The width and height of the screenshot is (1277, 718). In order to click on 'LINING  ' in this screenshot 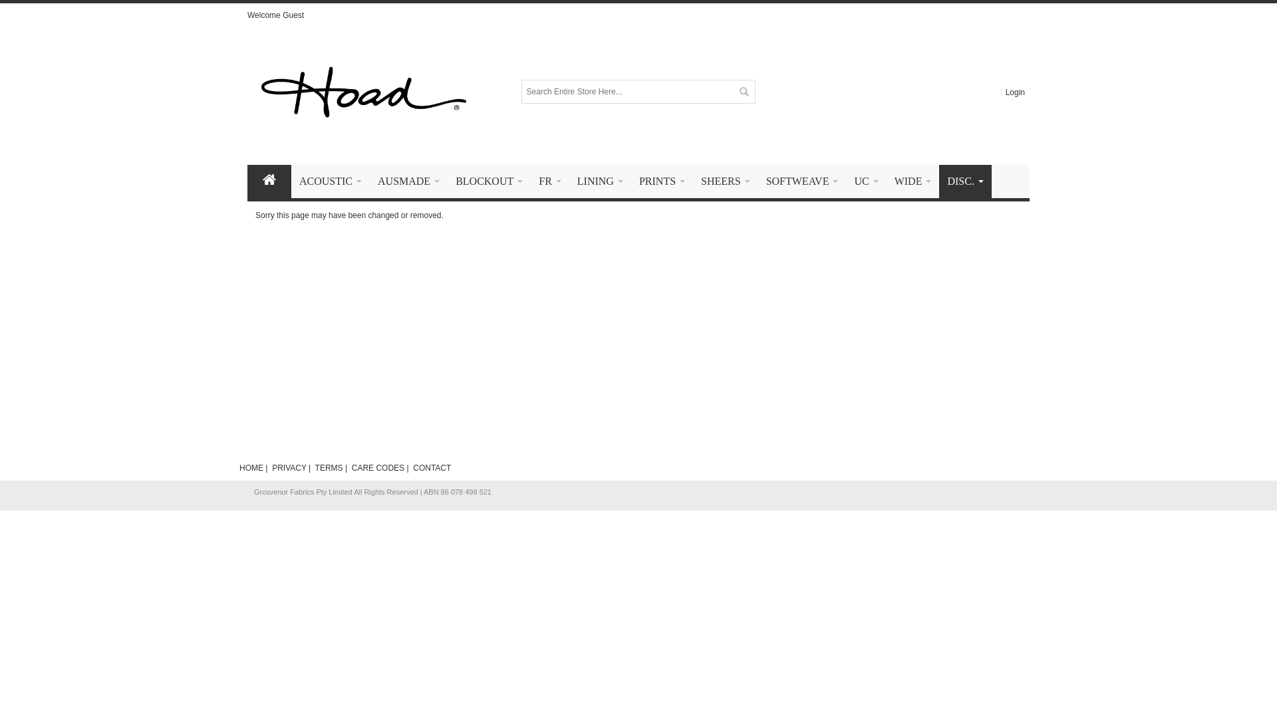, I will do `click(569, 181)`.